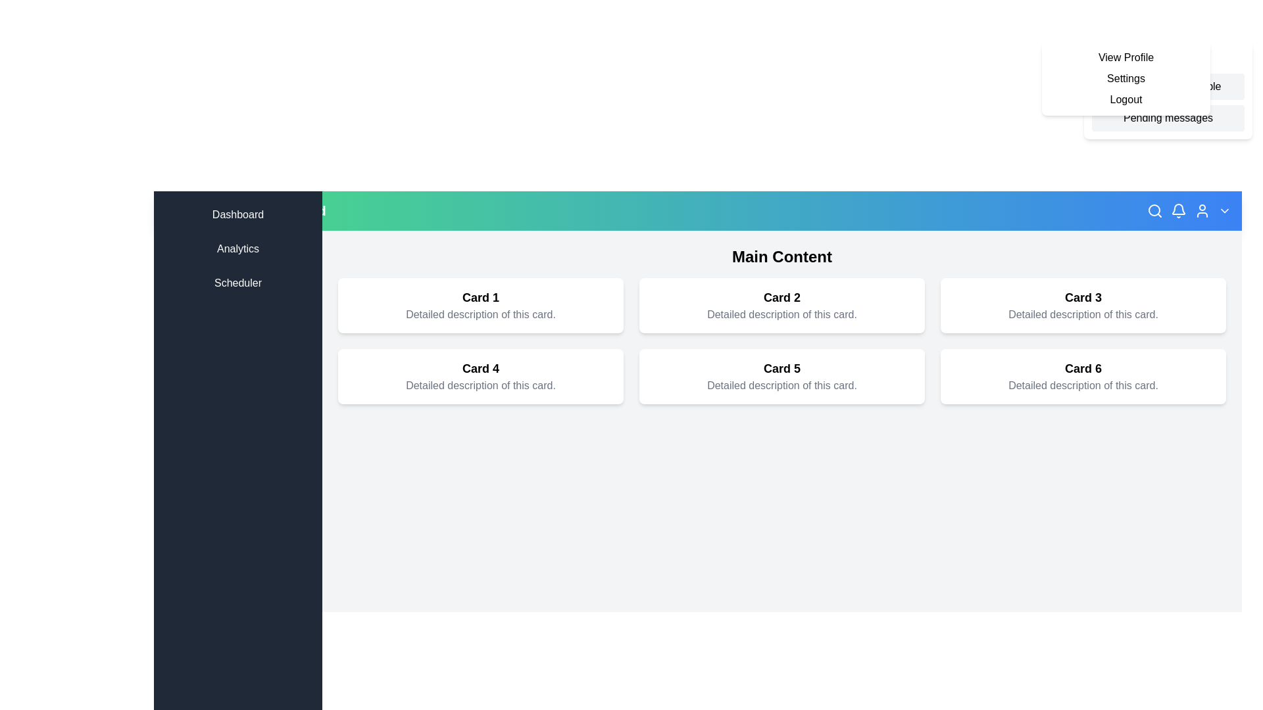 Image resolution: width=1263 pixels, height=710 pixels. Describe the element at coordinates (1083, 306) in the screenshot. I see `the Card UI component` at that location.